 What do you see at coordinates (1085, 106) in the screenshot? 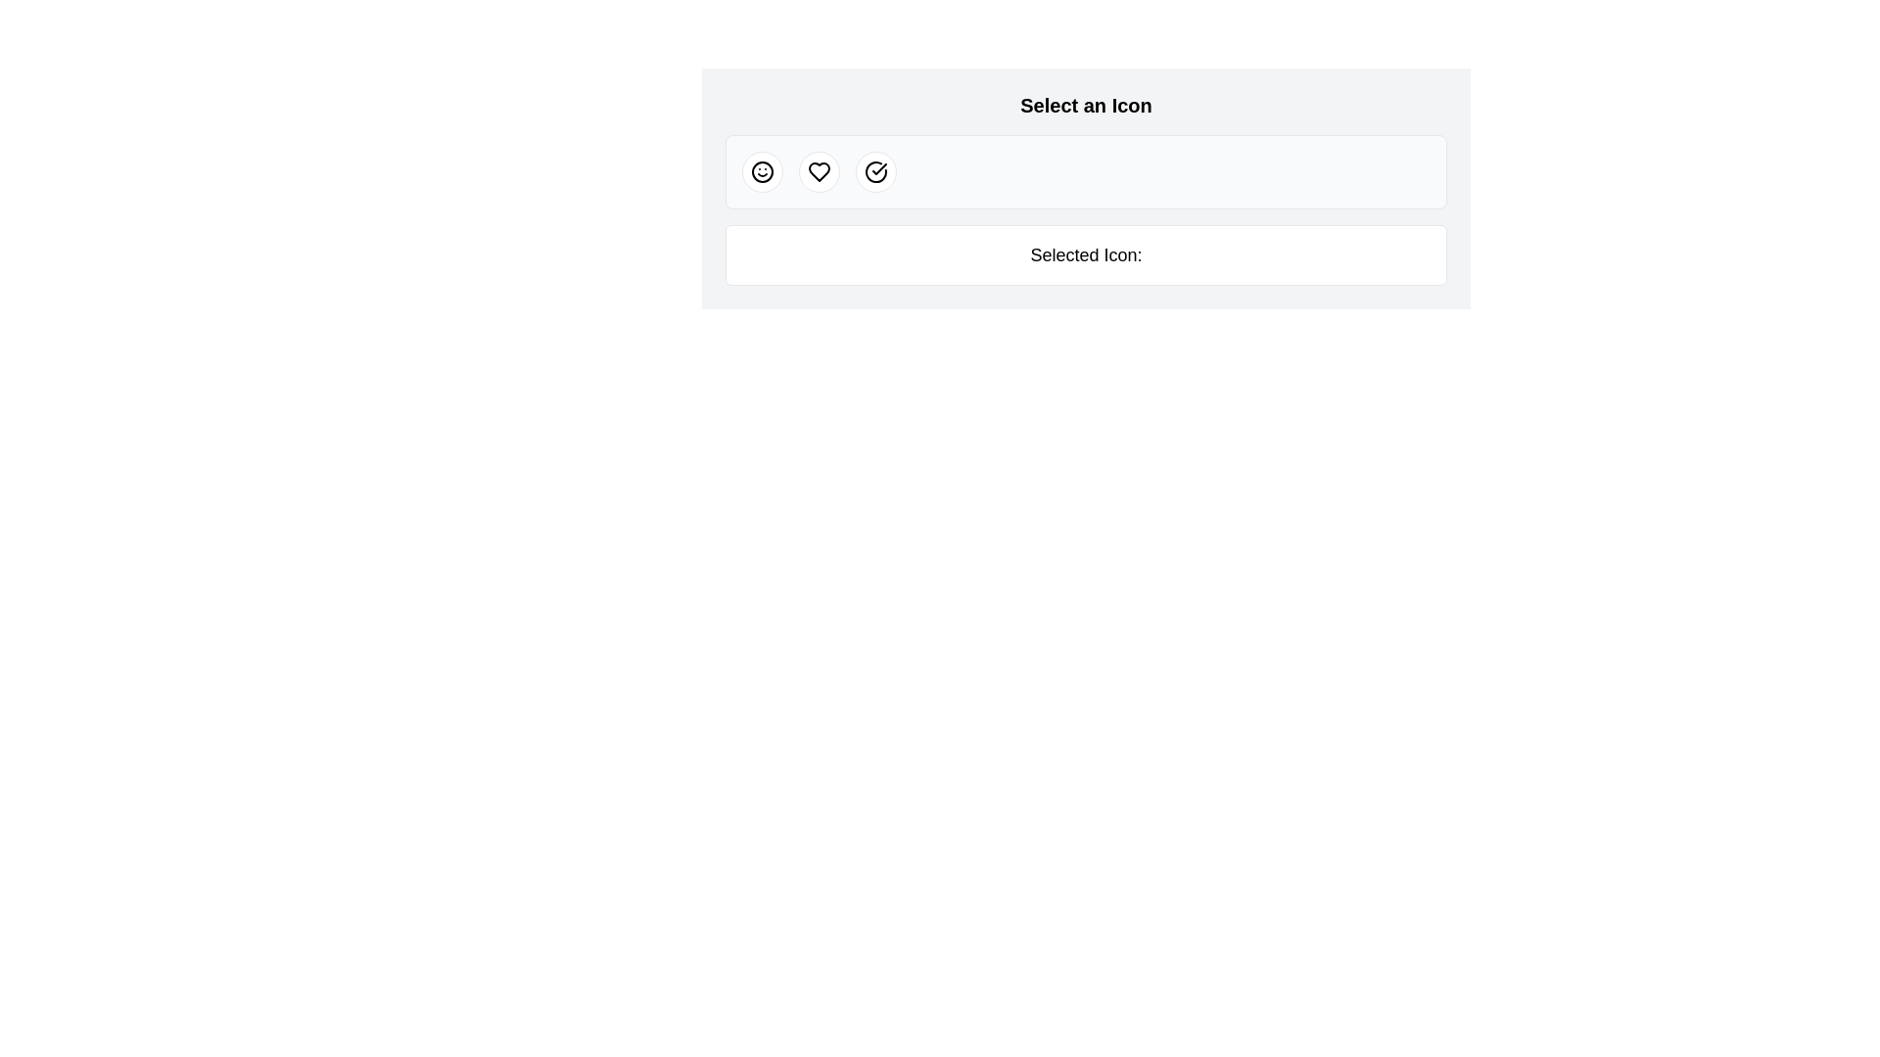
I see `the Text Label that serves as a heading or title for the section guiding users to select an icon, located at the top of the icon selection area` at bounding box center [1085, 106].